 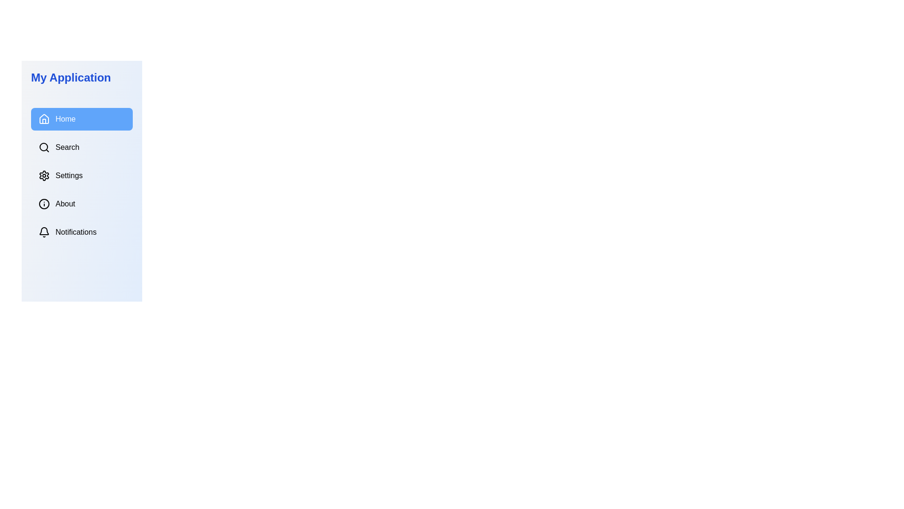 What do you see at coordinates (81, 203) in the screenshot?
I see `the 'About' menu item, which is a rounded rectangular element located fourth from the top in the navigation menu, between 'Settings' and 'Notifications'` at bounding box center [81, 203].